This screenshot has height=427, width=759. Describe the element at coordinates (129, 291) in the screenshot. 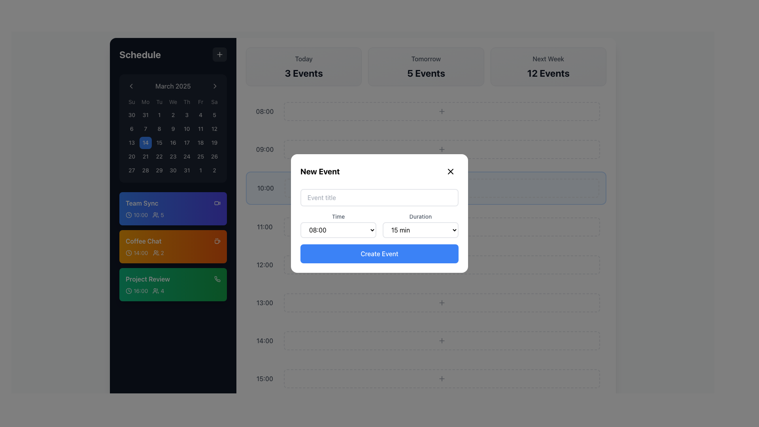

I see `the small gray clock icon located on the green 'Project Review' card, which is the leftmost component in the row displaying '16:00'` at that location.